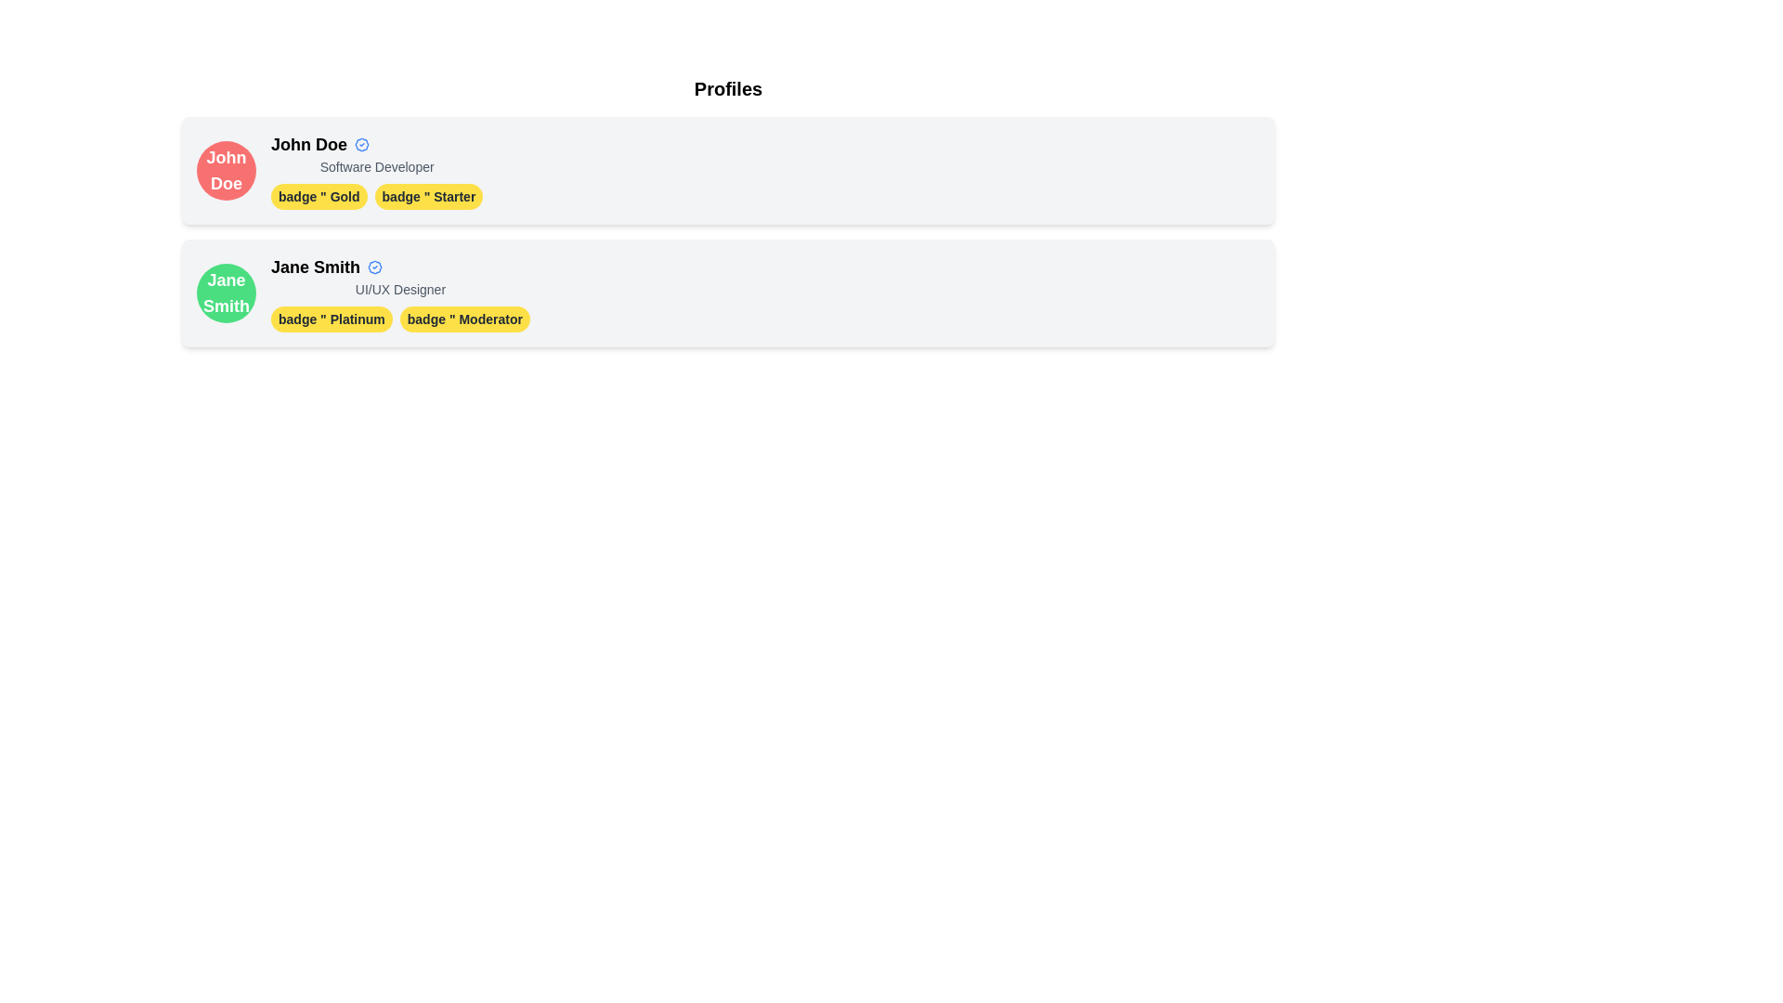  I want to click on the second badge located below the name 'John Doe' in the first profile card, so click(427, 197).